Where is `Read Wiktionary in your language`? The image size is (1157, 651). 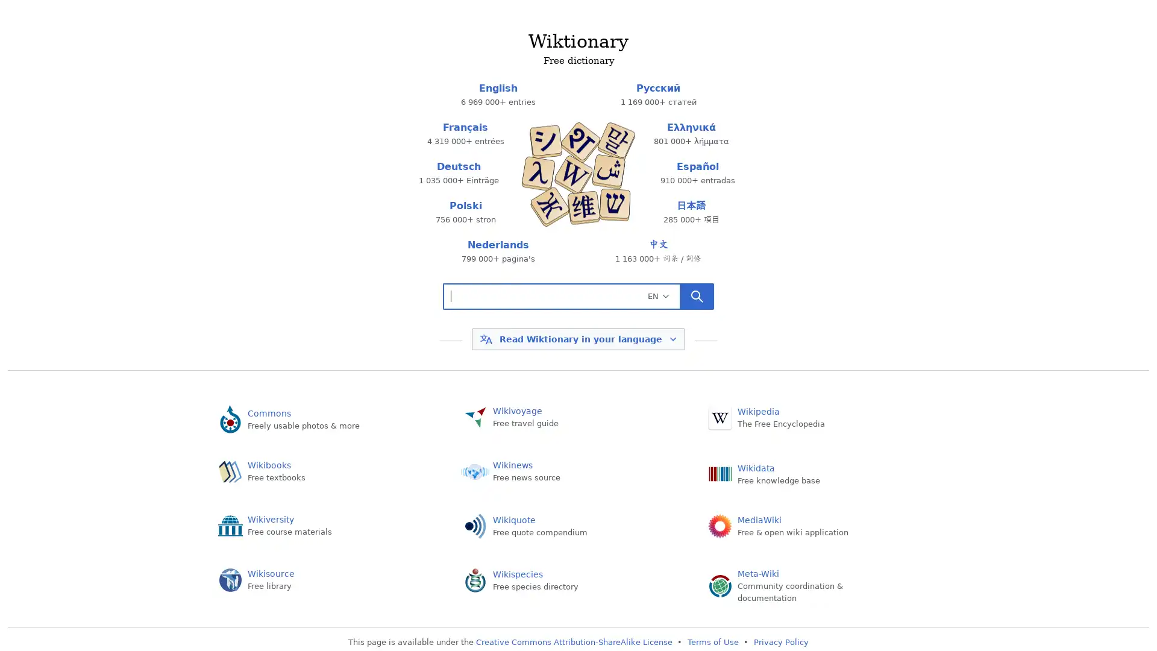 Read Wiktionary in your language is located at coordinates (577, 339).